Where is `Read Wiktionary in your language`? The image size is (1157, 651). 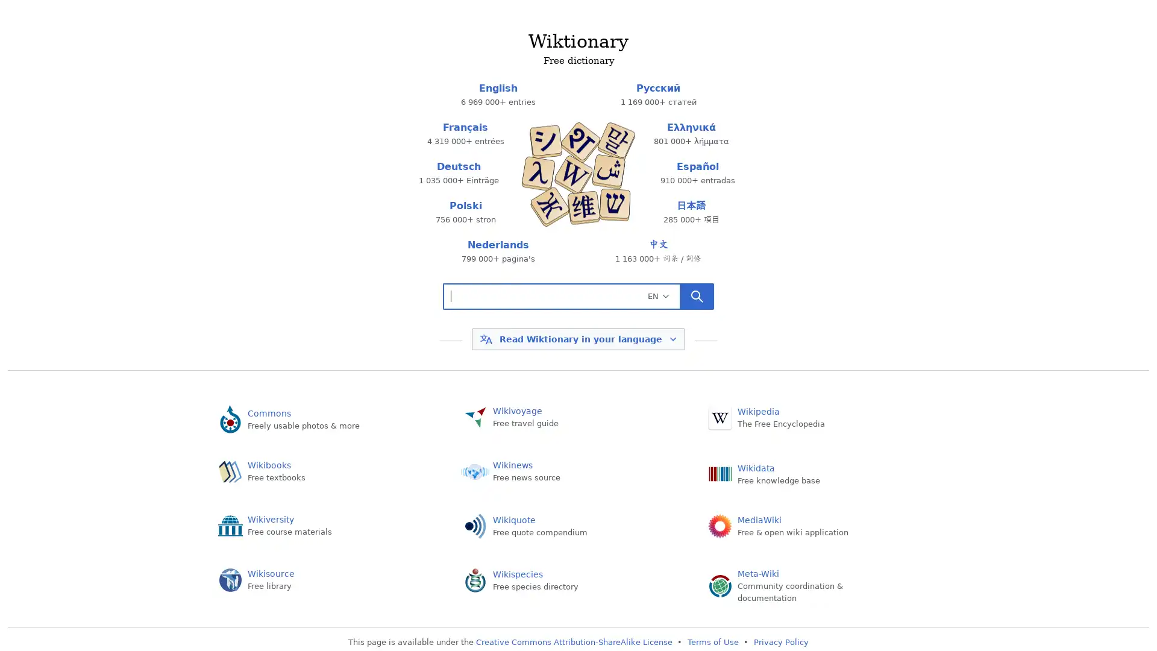 Read Wiktionary in your language is located at coordinates (577, 339).